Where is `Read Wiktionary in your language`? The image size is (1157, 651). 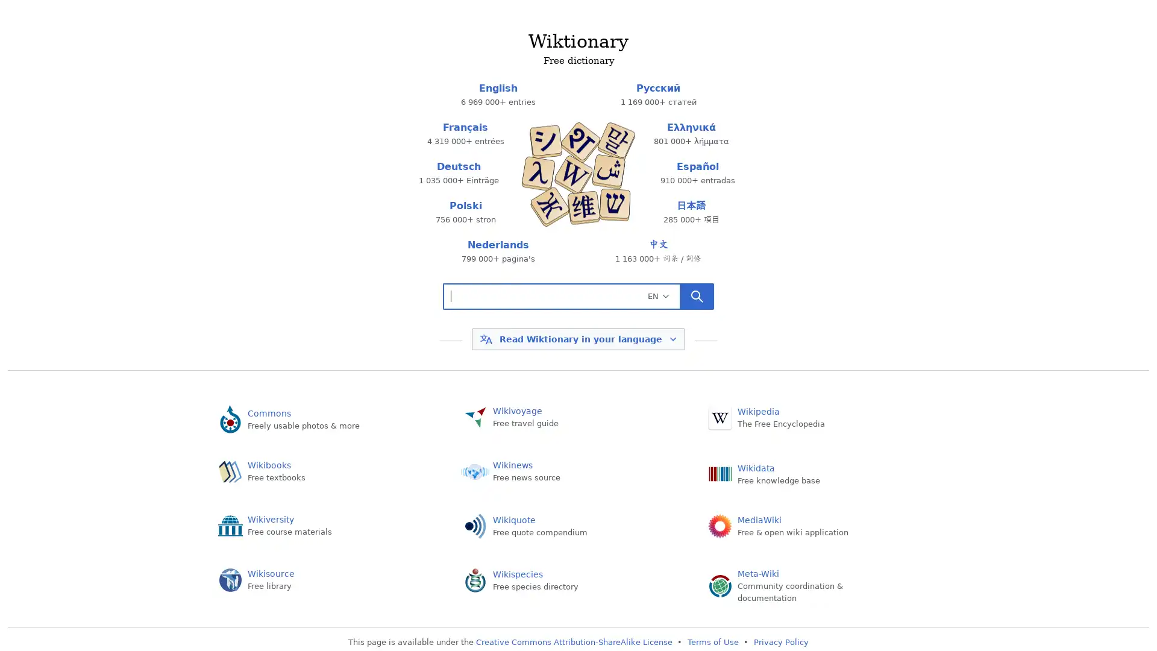 Read Wiktionary in your language is located at coordinates (577, 339).